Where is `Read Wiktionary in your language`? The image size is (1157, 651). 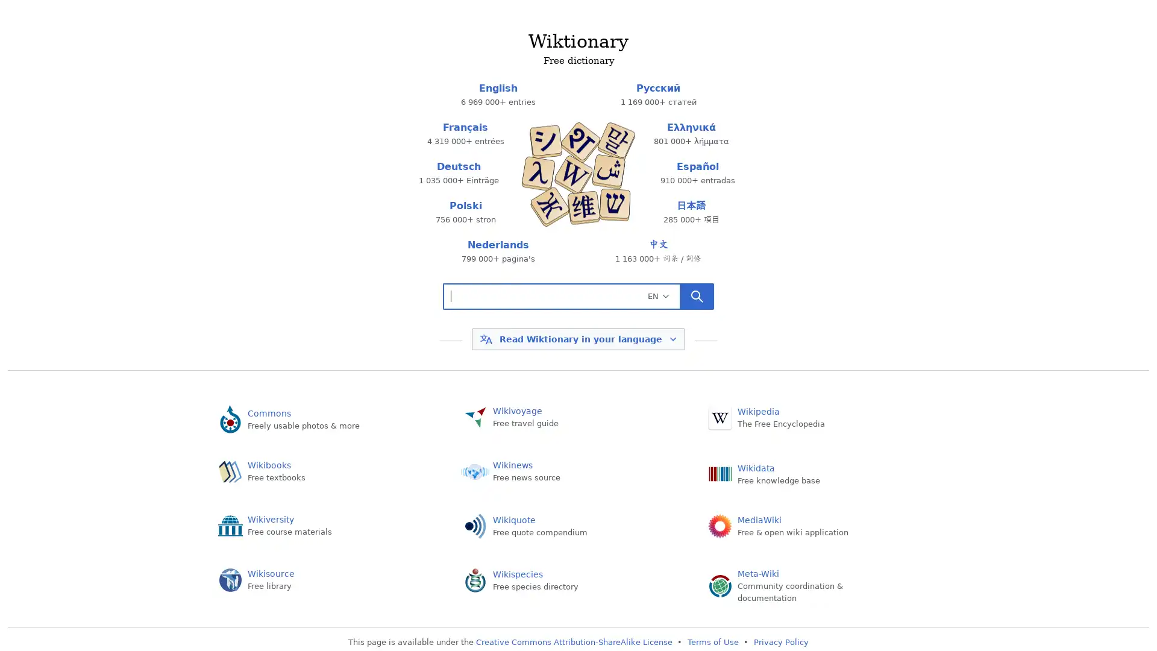 Read Wiktionary in your language is located at coordinates (577, 339).